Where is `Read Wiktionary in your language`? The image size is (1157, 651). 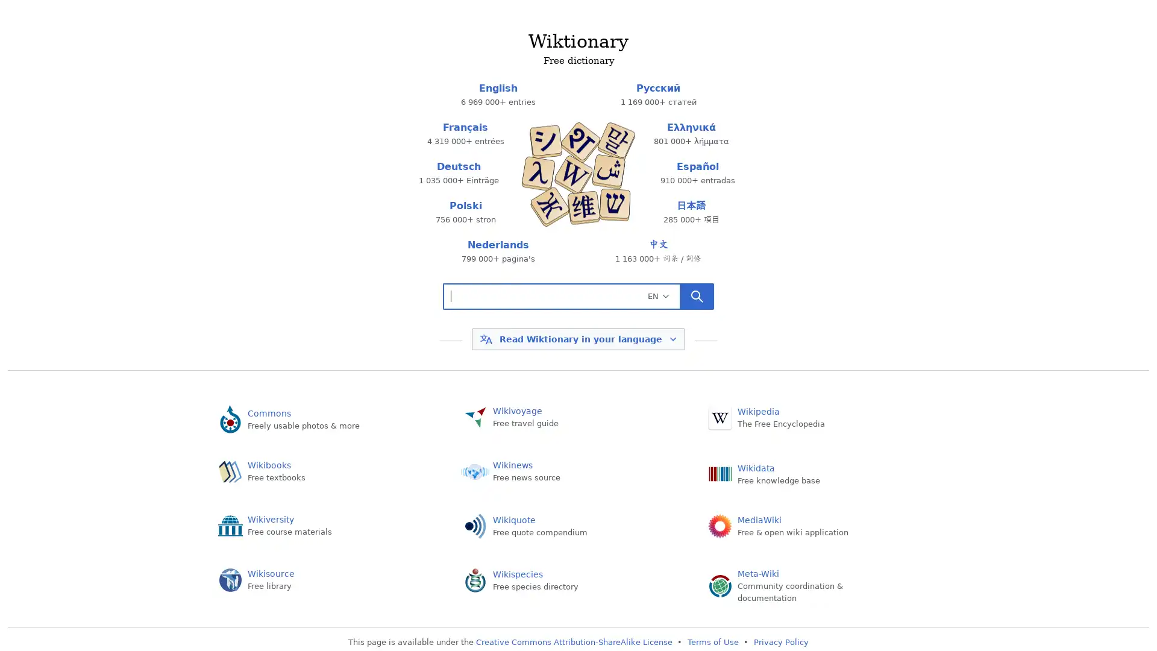 Read Wiktionary in your language is located at coordinates (577, 339).